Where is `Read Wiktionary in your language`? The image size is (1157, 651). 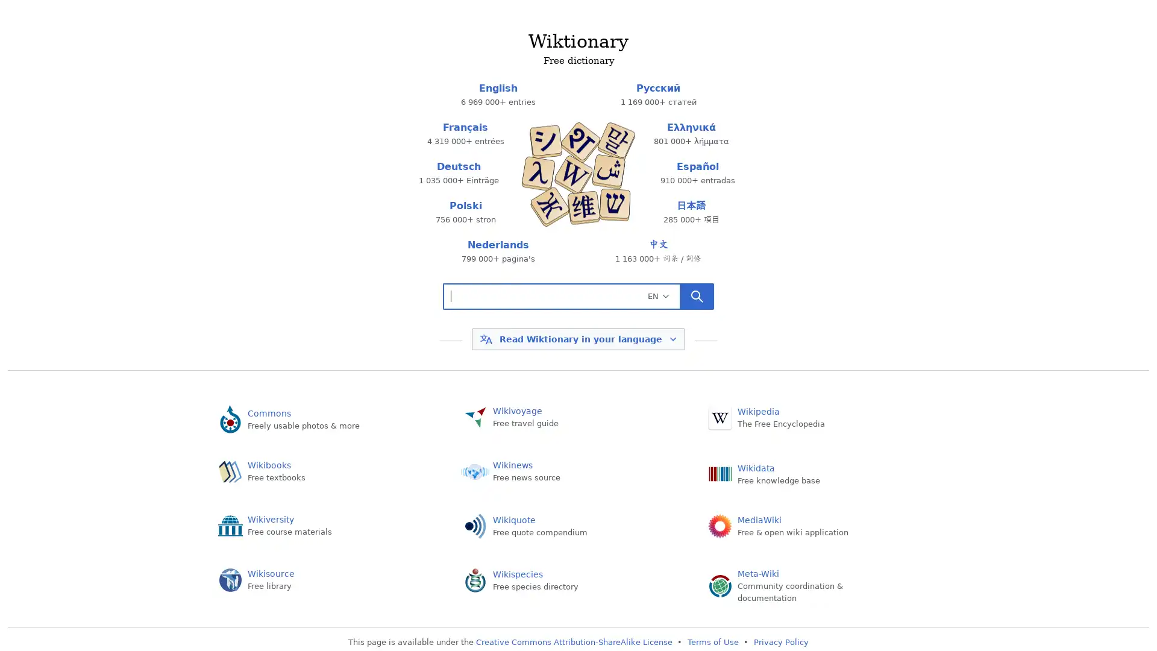 Read Wiktionary in your language is located at coordinates (577, 339).